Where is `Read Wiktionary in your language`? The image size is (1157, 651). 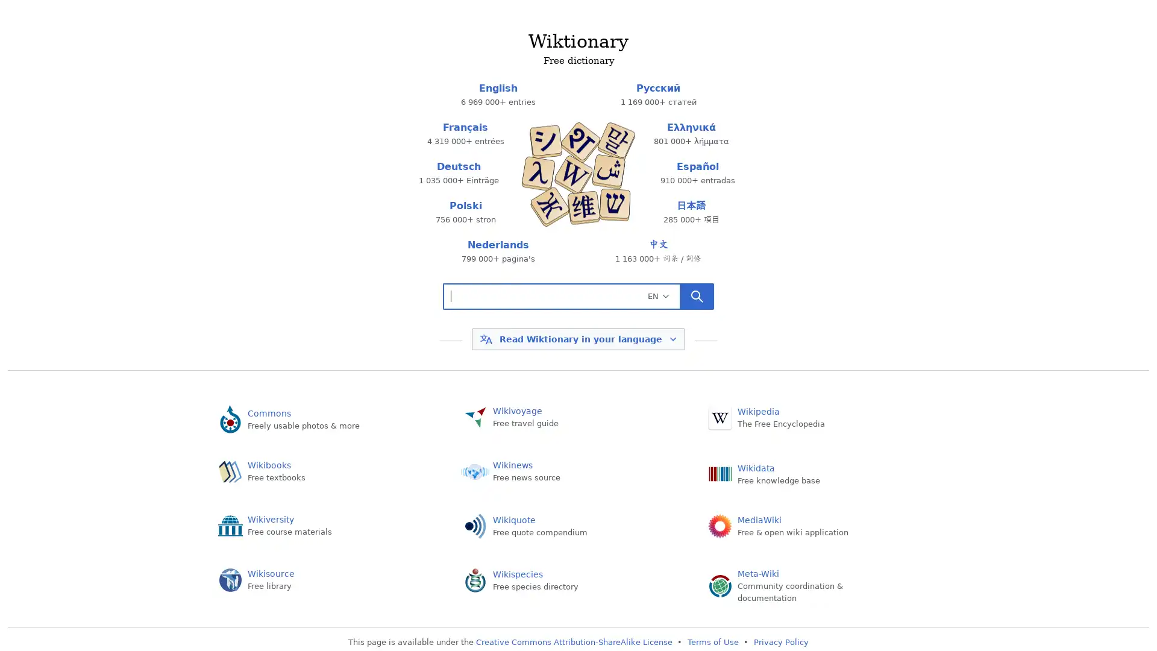 Read Wiktionary in your language is located at coordinates (577, 339).